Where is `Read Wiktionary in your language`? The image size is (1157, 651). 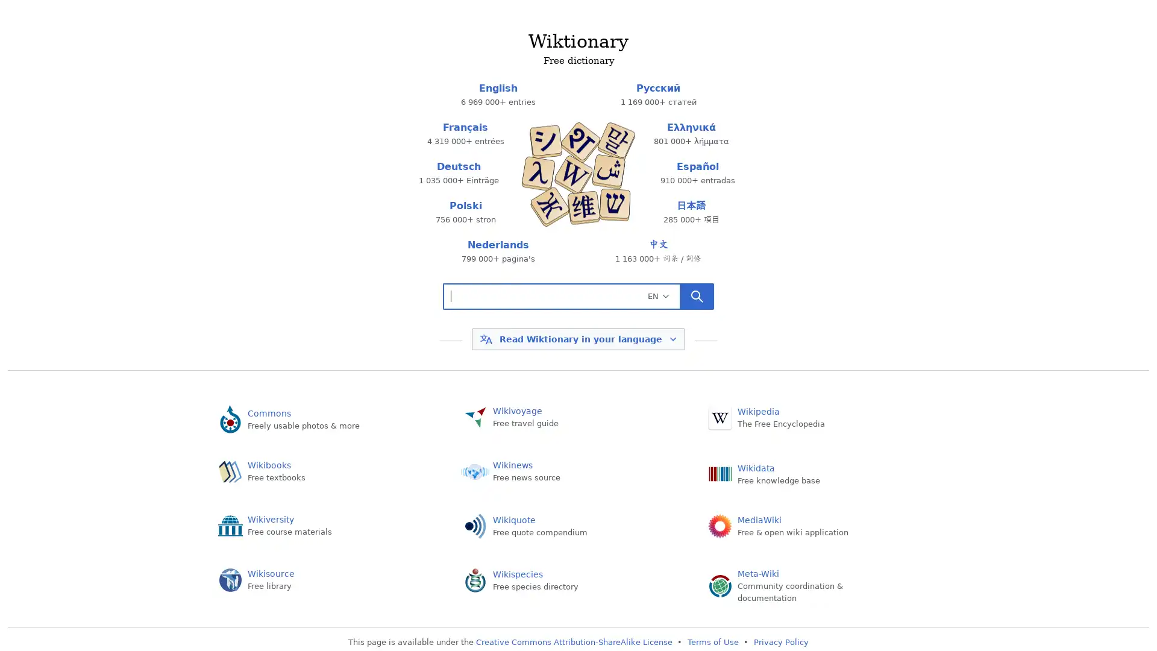 Read Wiktionary in your language is located at coordinates (577, 339).